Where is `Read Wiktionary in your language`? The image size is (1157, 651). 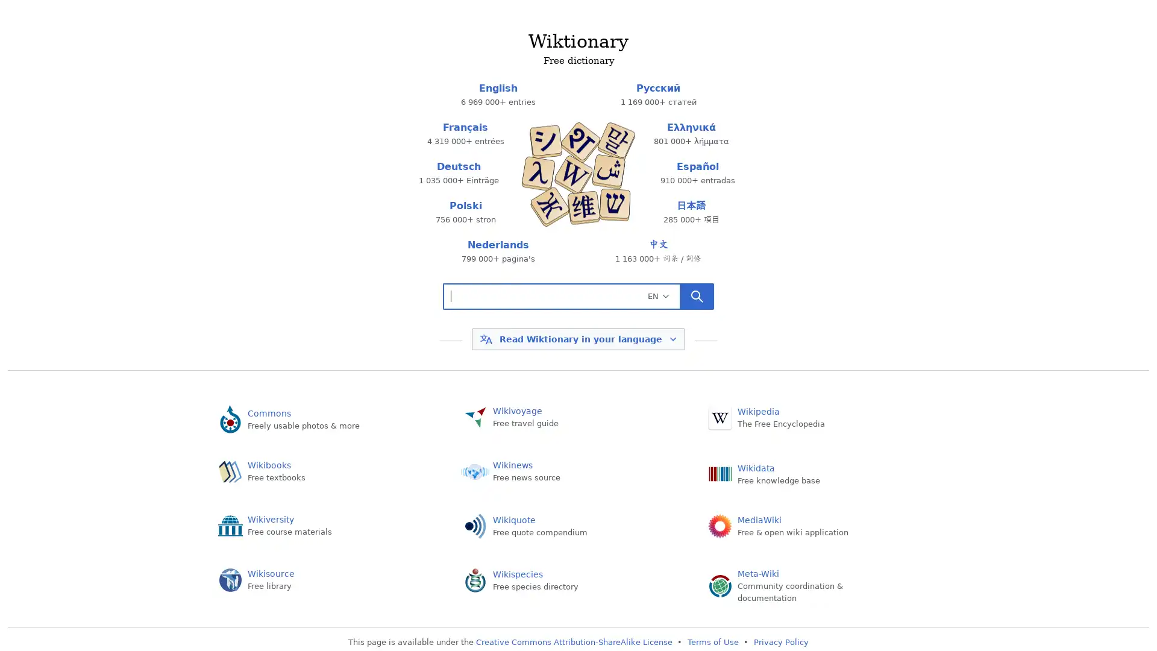 Read Wiktionary in your language is located at coordinates (577, 339).